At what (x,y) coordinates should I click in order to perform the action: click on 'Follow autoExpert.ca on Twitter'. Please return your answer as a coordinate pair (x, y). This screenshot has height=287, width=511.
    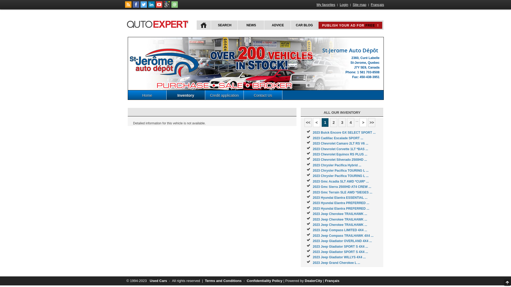
    Looking at the image, I should click on (143, 6).